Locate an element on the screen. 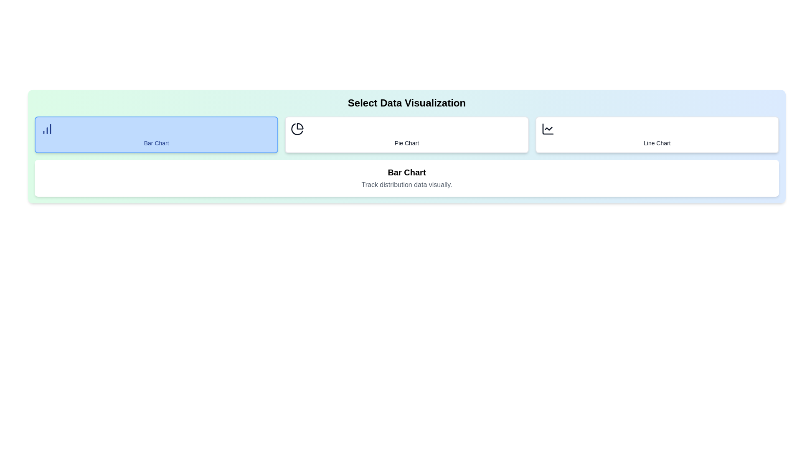 The image size is (802, 451). the pie chart icon located to the left of the 'Pie Chart' label in the data visualization selection row is located at coordinates (297, 129).